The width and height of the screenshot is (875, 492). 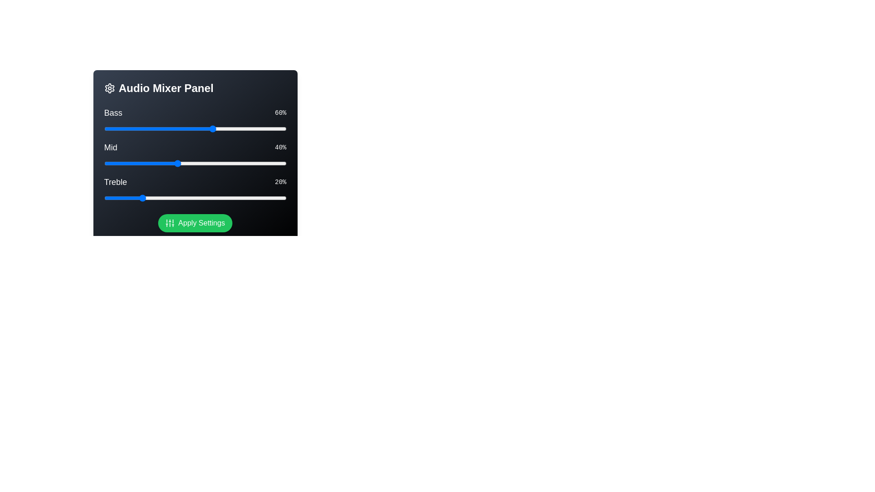 What do you see at coordinates (136, 128) in the screenshot?
I see `the Bass slider to 18%` at bounding box center [136, 128].